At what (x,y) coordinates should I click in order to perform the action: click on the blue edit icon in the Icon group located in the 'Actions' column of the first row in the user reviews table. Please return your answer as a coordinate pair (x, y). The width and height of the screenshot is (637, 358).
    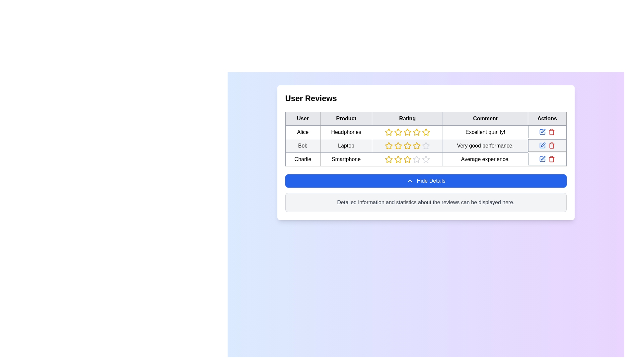
    Looking at the image, I should click on (547, 132).